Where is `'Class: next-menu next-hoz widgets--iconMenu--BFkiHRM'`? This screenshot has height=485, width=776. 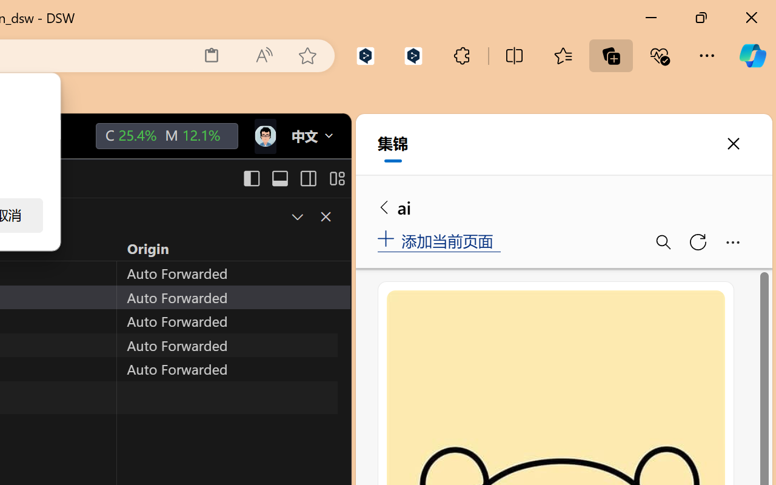
'Class: next-menu next-hoz widgets--iconMenu--BFkiHRM' is located at coordinates (264, 136).